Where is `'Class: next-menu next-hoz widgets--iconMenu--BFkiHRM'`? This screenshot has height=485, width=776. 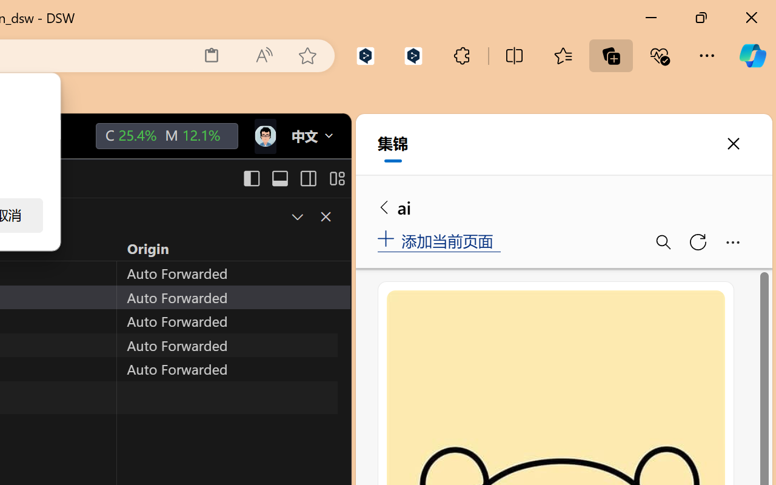
'Class: next-menu next-hoz widgets--iconMenu--BFkiHRM' is located at coordinates (264, 136).